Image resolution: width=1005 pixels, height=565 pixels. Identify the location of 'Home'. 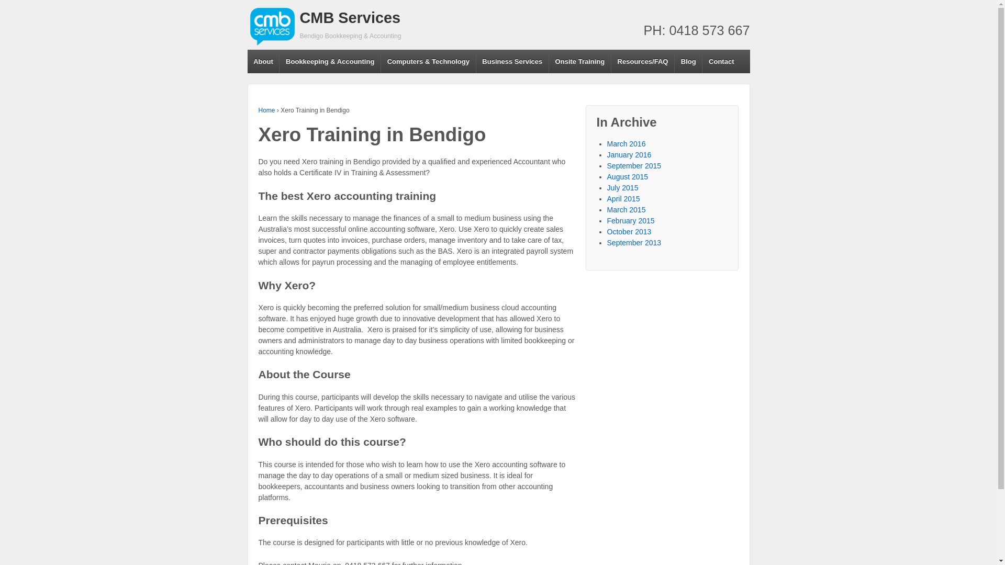
(266, 110).